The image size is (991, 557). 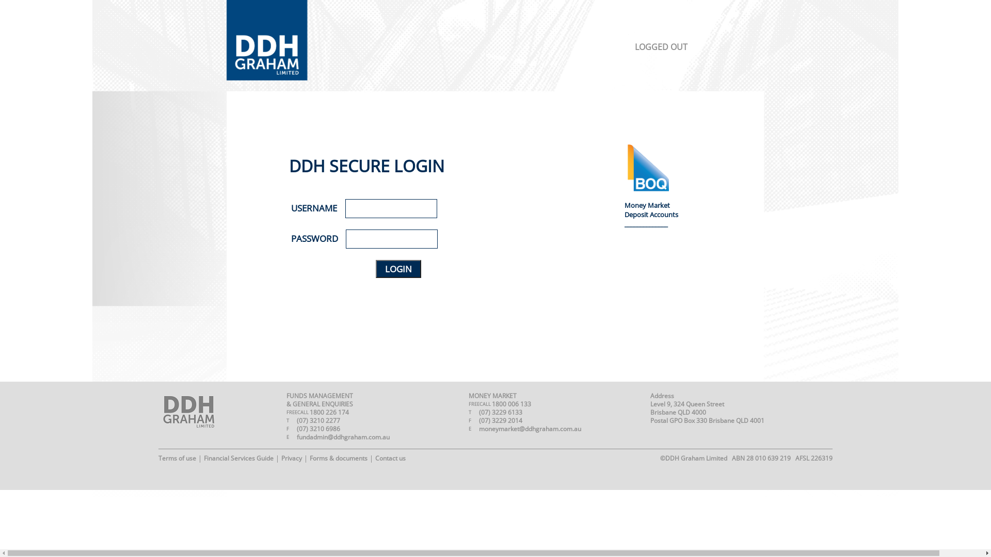 I want to click on '(07) 3229 2014', so click(x=500, y=421).